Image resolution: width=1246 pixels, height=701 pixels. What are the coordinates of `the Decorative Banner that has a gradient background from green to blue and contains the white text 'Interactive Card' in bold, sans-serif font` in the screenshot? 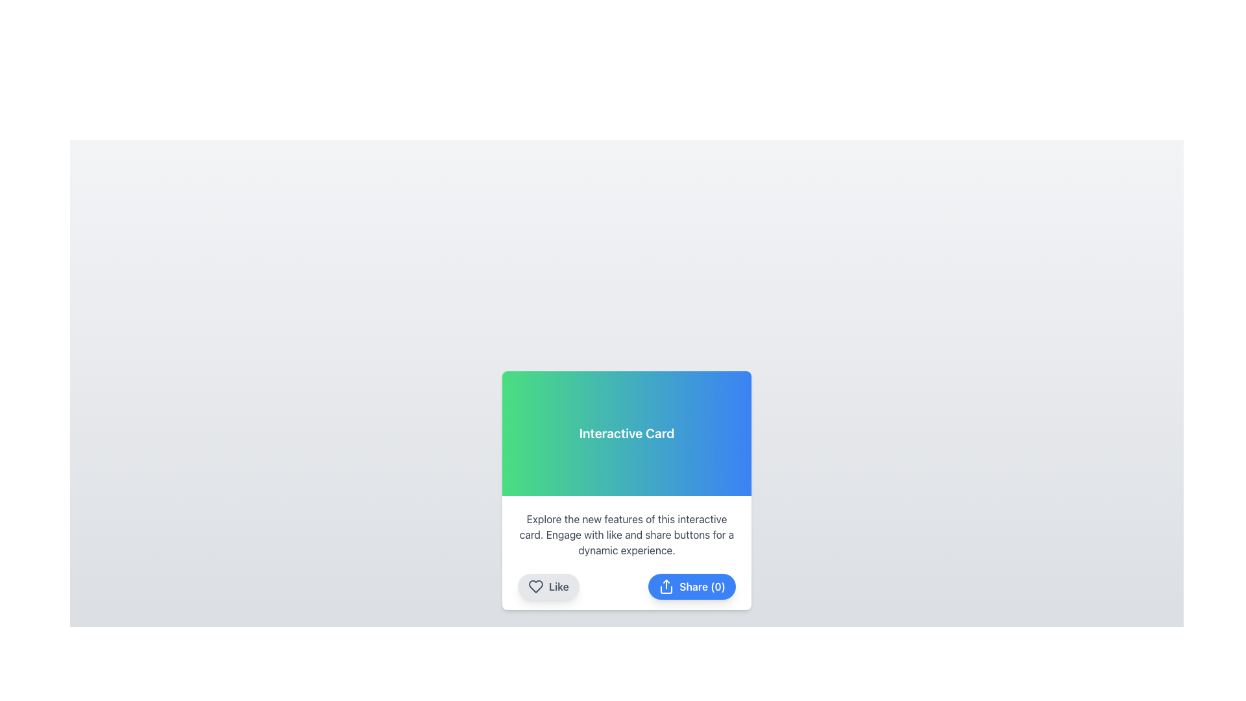 It's located at (626, 433).